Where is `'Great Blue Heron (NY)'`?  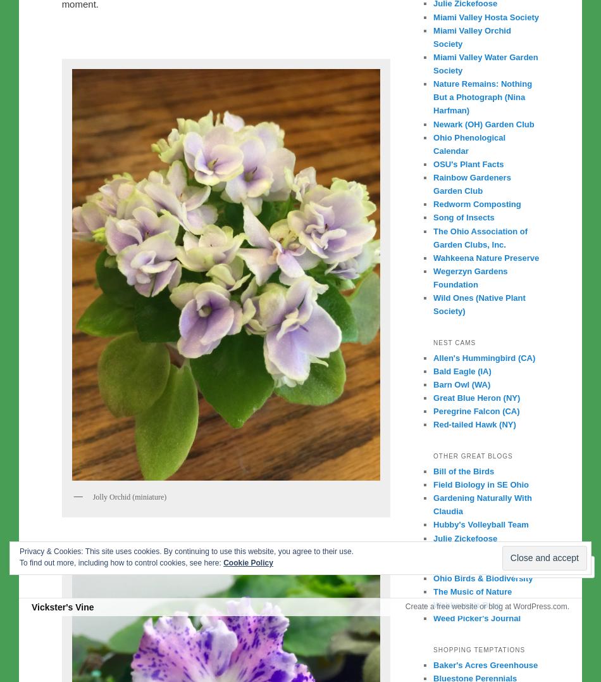
'Great Blue Heron (NY)' is located at coordinates (476, 398).